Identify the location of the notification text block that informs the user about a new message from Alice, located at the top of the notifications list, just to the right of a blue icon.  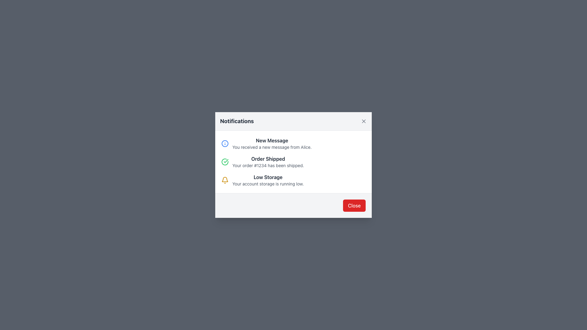
(271, 144).